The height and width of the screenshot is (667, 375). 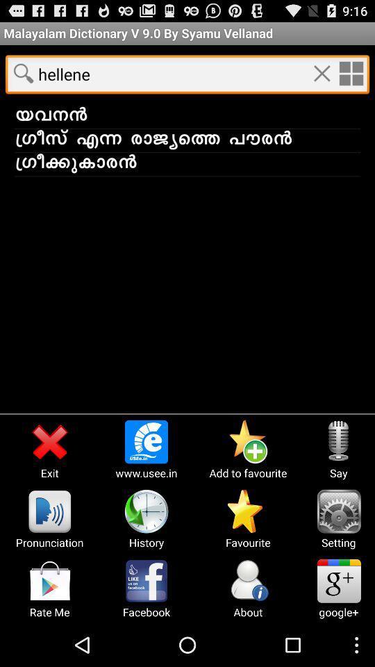 What do you see at coordinates (322, 73) in the screenshot?
I see `delete button` at bounding box center [322, 73].